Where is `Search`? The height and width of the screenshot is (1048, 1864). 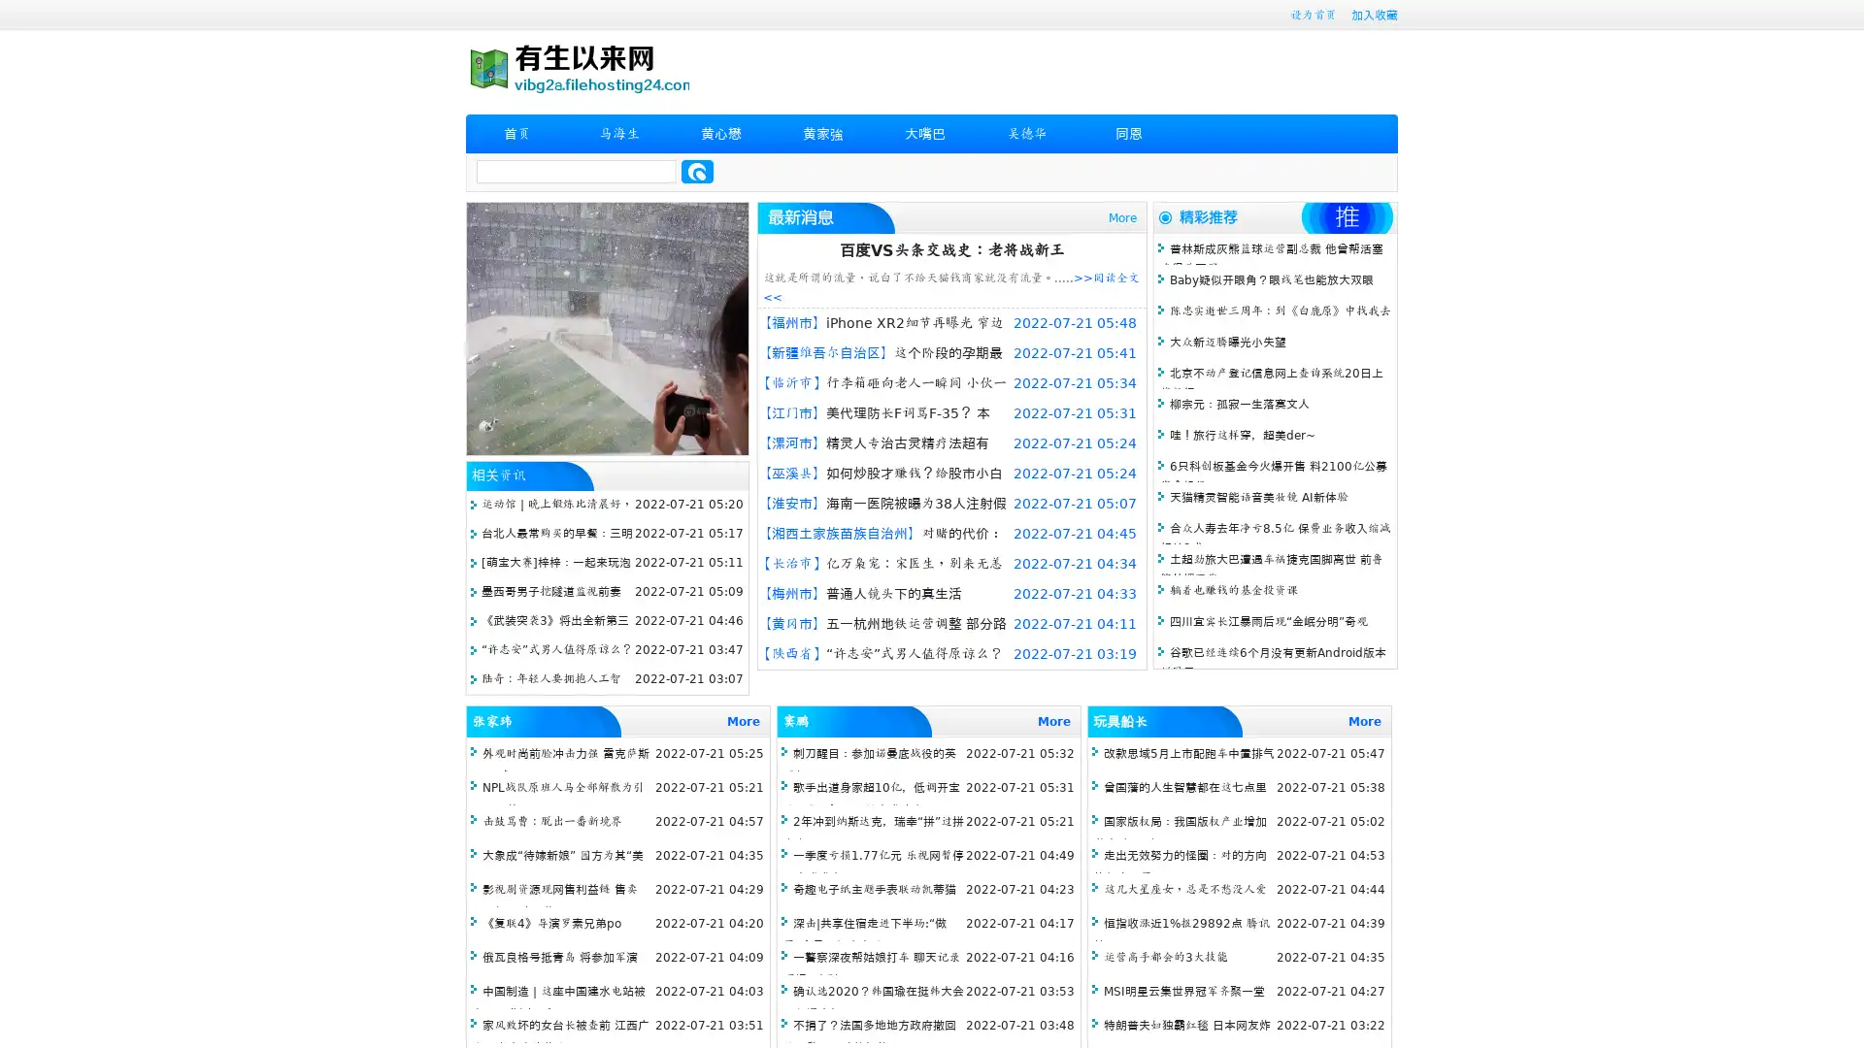 Search is located at coordinates (697, 171).